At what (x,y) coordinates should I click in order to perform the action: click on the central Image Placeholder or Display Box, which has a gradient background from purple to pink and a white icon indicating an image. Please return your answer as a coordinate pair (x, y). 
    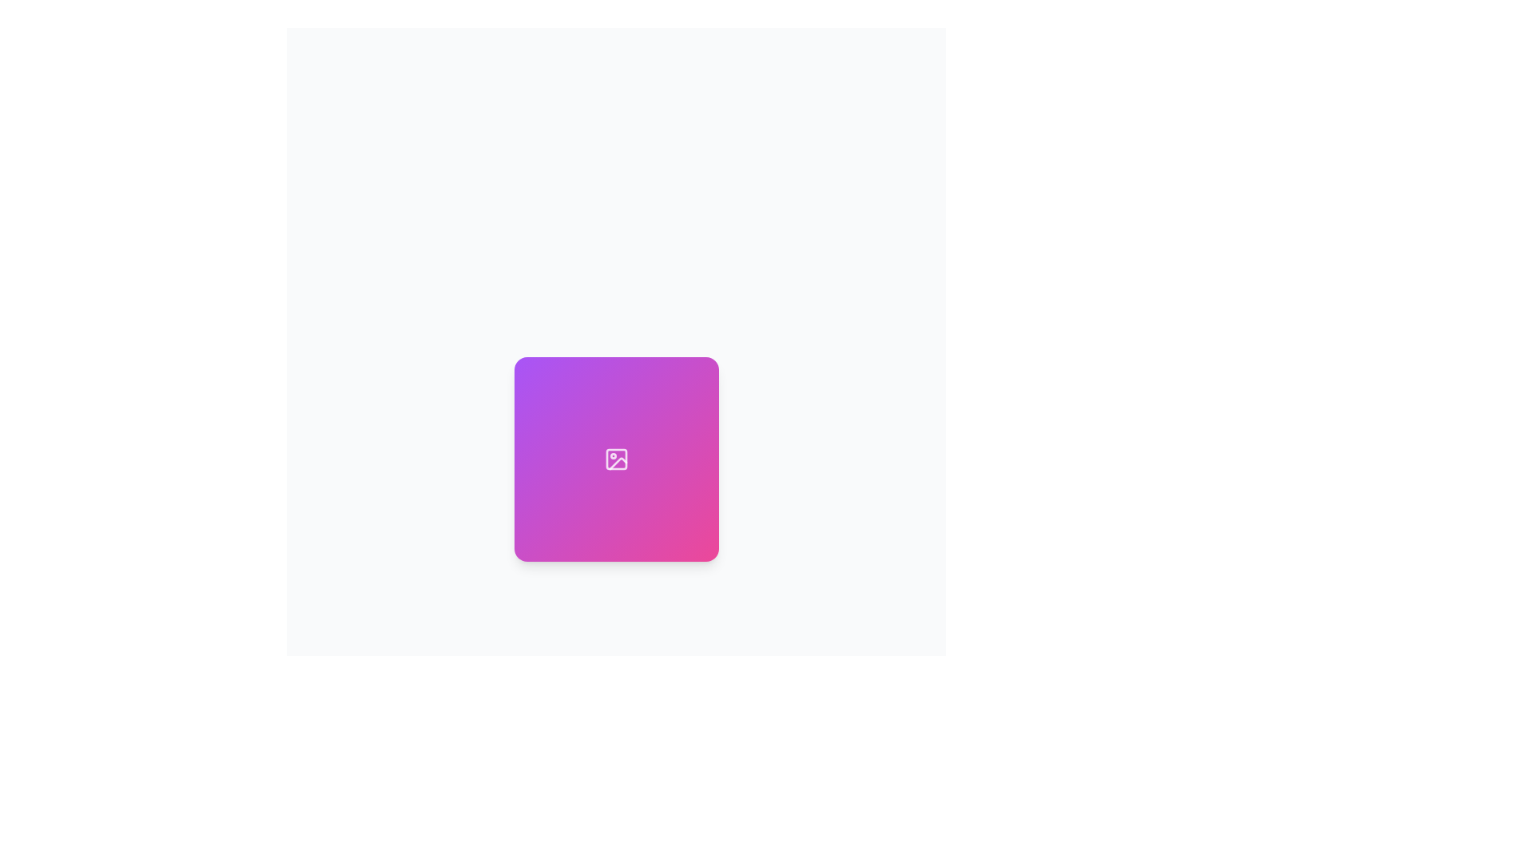
    Looking at the image, I should click on (615, 459).